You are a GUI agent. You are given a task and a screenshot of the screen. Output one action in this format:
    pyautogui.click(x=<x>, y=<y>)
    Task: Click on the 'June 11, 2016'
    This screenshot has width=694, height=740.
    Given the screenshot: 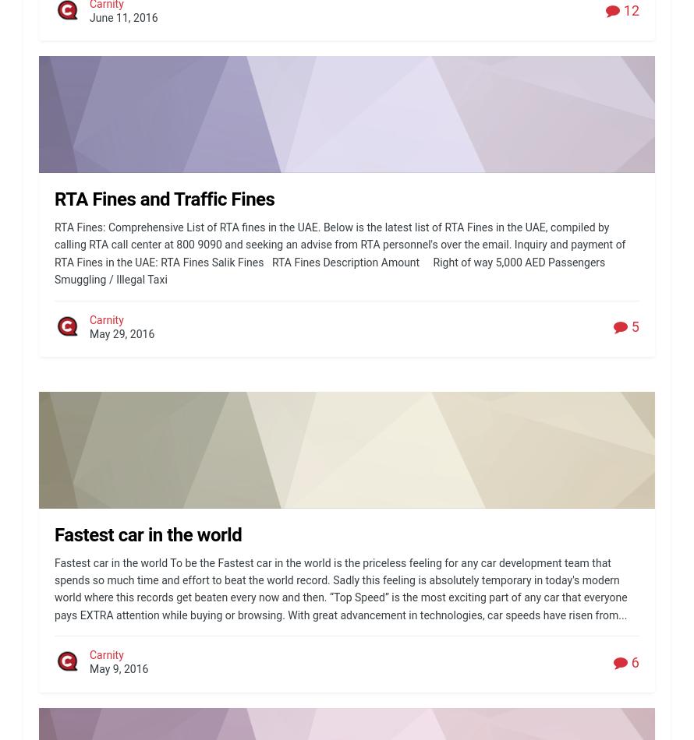 What is the action you would take?
    pyautogui.click(x=123, y=17)
    